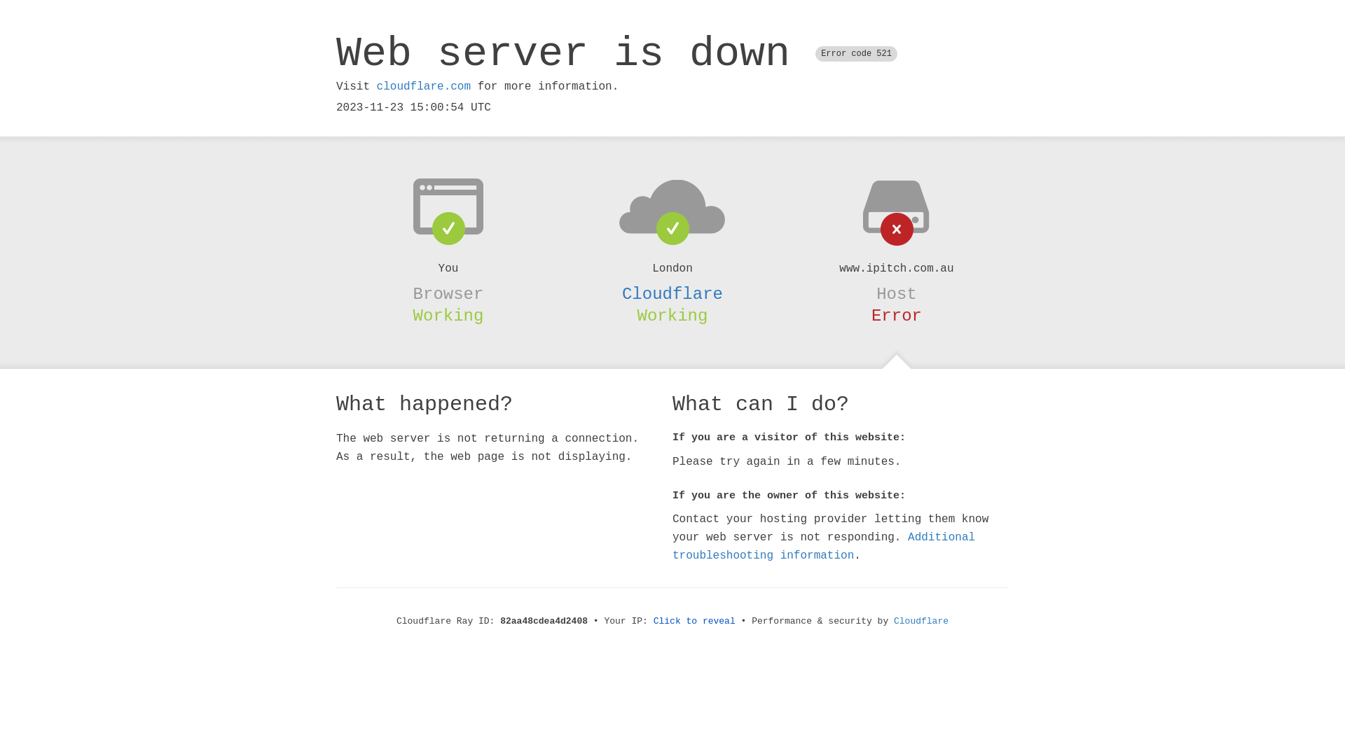 Image resolution: width=1345 pixels, height=756 pixels. What do you see at coordinates (824, 545) in the screenshot?
I see `'Additional troubleshooting information'` at bounding box center [824, 545].